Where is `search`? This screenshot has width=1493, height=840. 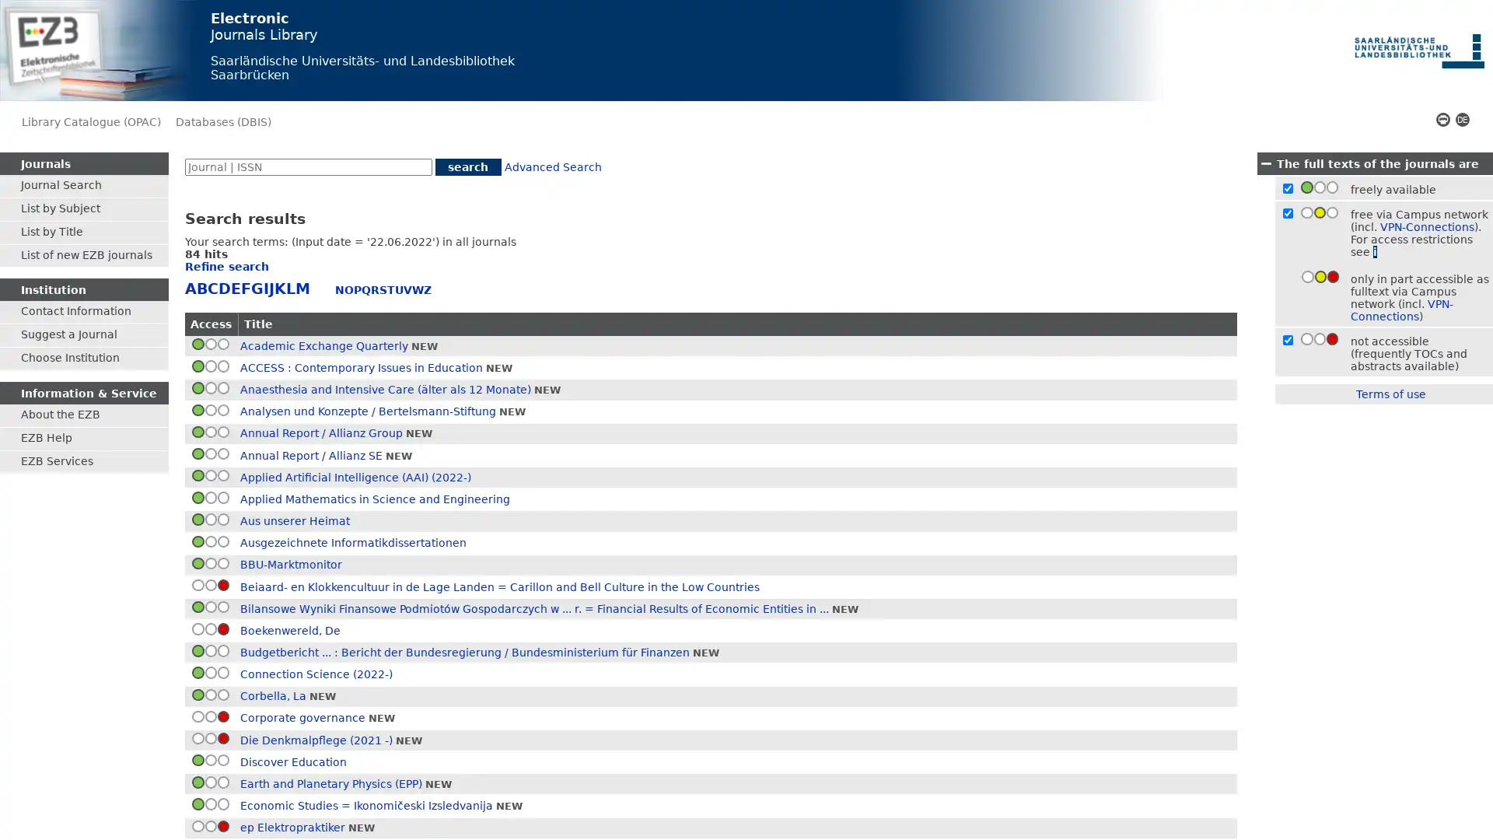
search is located at coordinates (467, 167).